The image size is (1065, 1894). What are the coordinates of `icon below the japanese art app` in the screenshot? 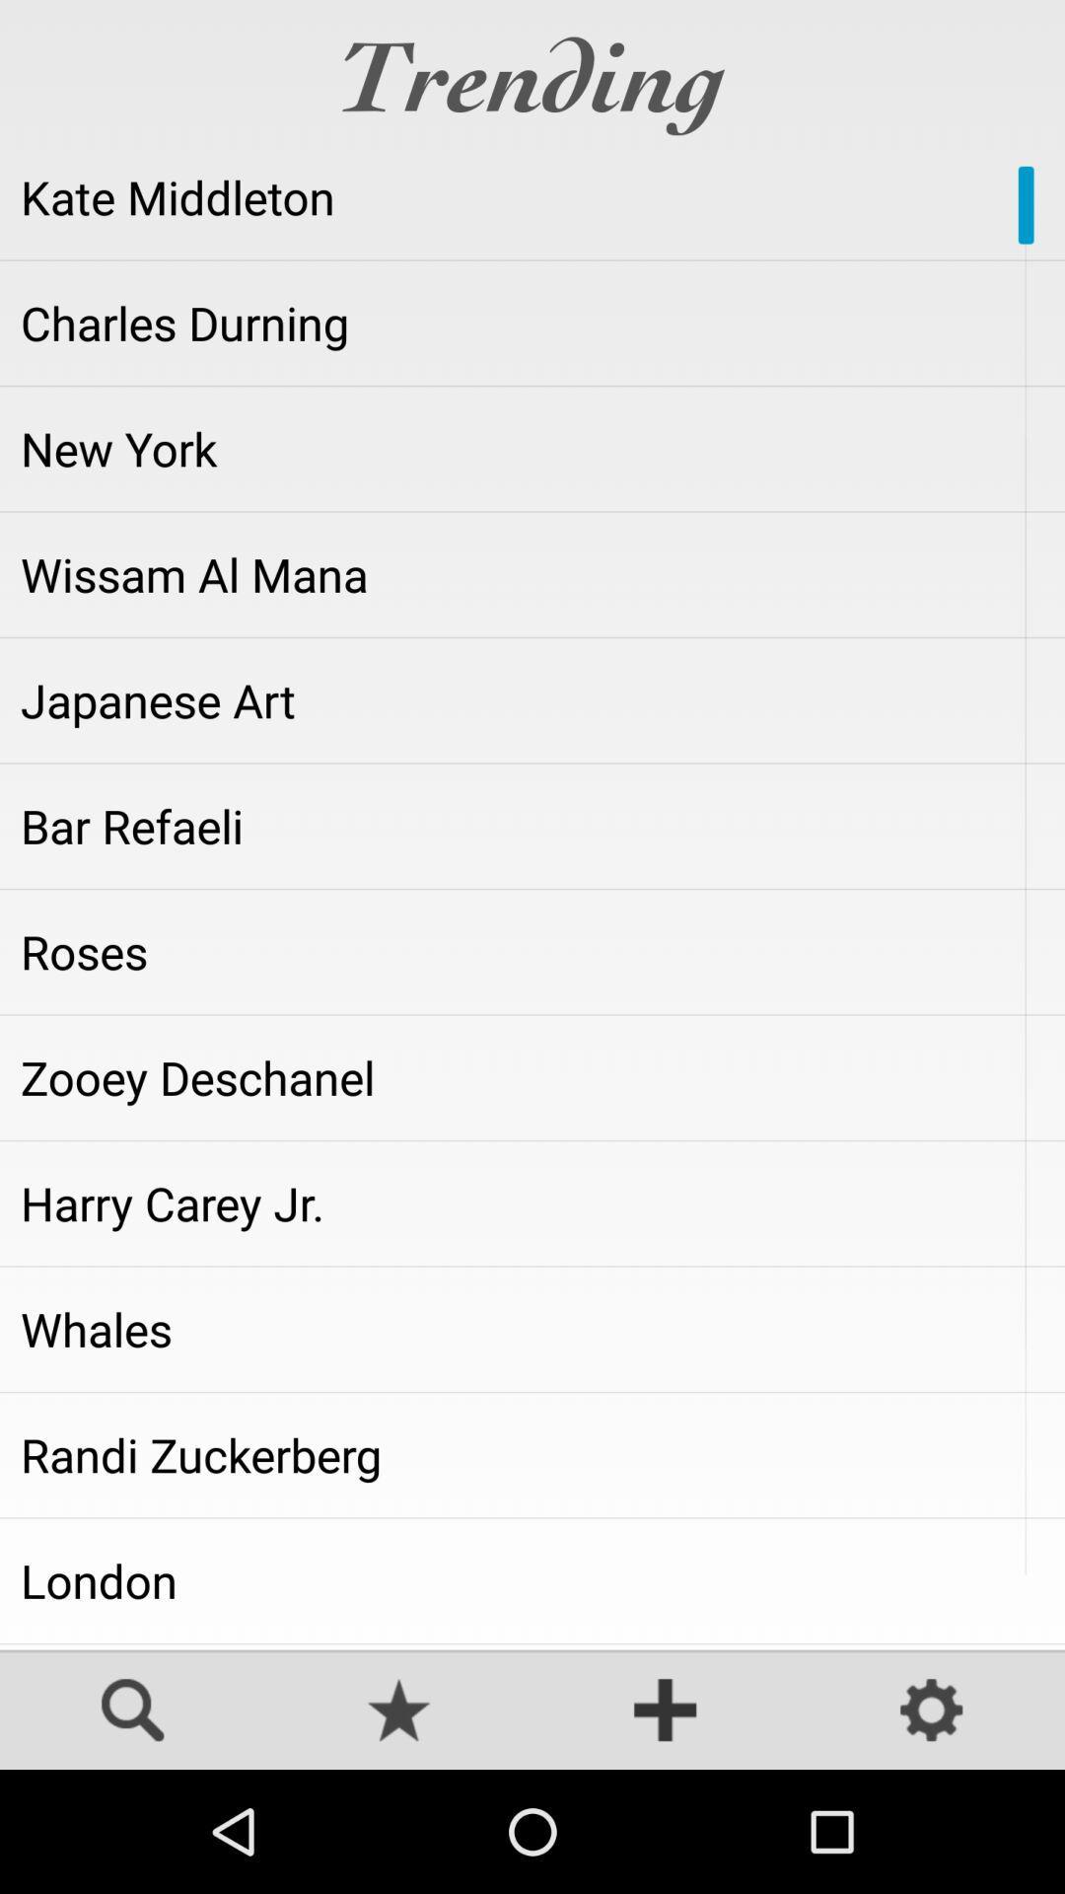 It's located at (532, 826).